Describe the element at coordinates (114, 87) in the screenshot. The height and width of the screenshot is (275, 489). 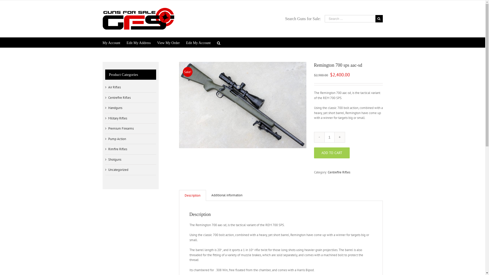
I see `'Air Rifles'` at that location.